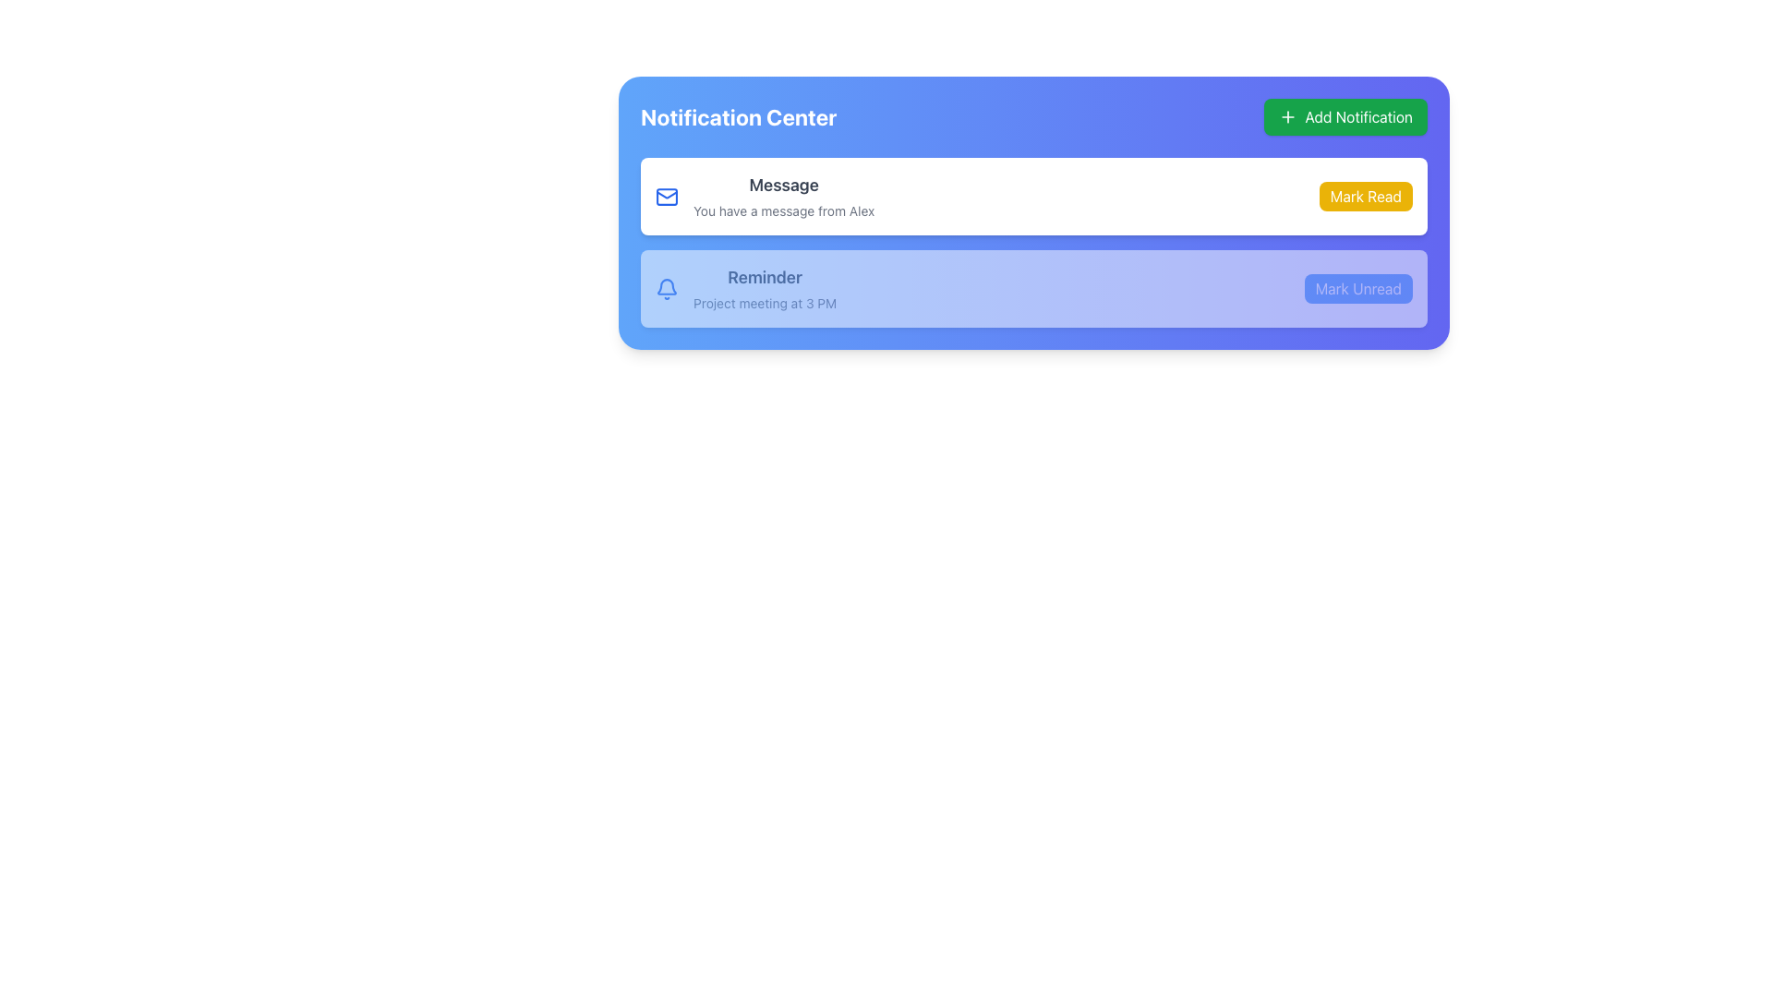  Describe the element at coordinates (765, 196) in the screenshot. I see `the Text and icon group that consists of a mail icon and the text 'Message' followed by 'You have a message from Alex', located in the upper white card of the Notification Center interface` at that location.